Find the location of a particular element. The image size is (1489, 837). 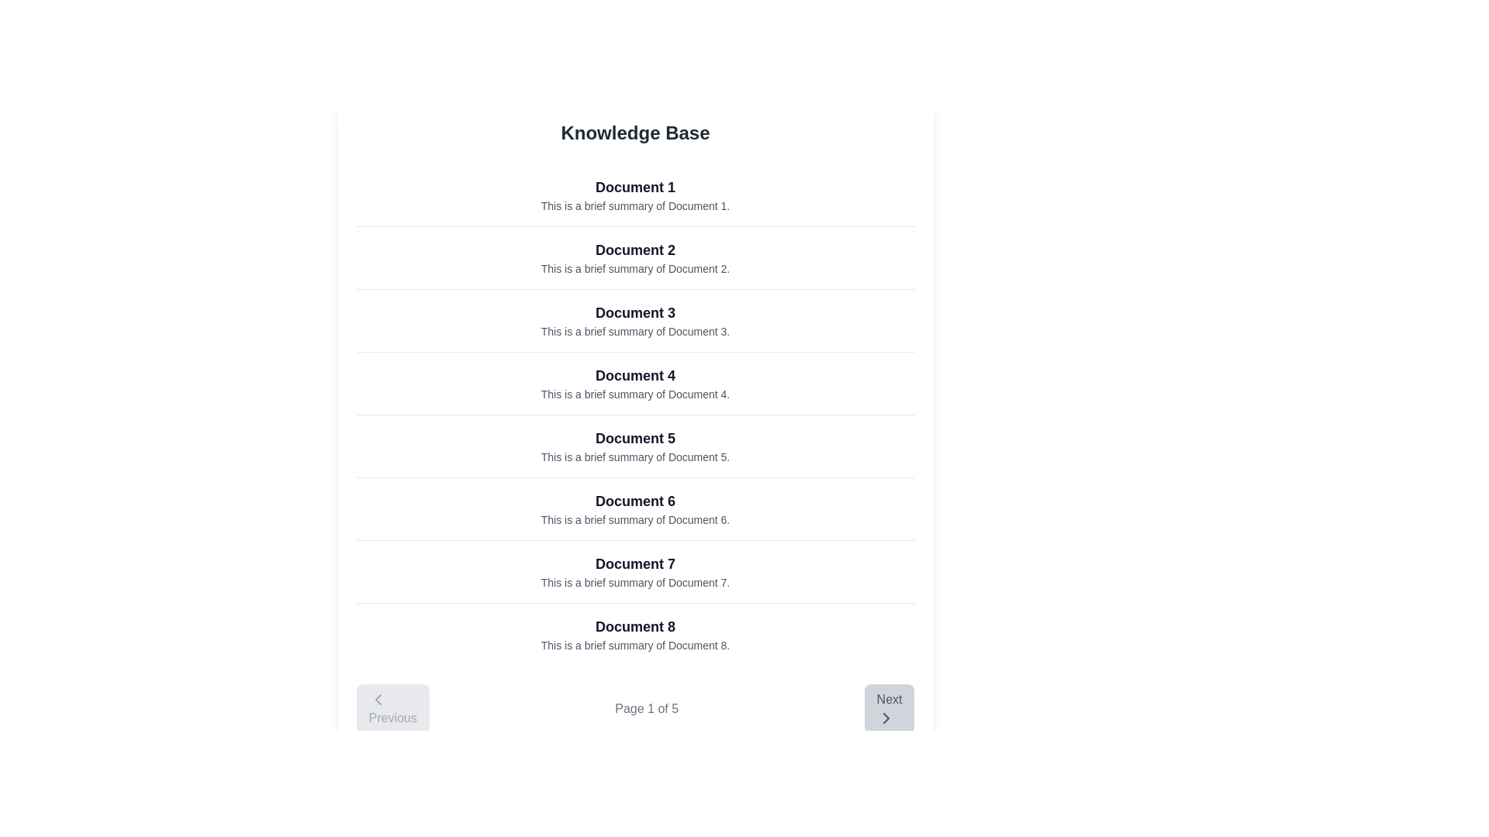

the text label 'Document 6' which is styled in bold and larger font, displayed in black as the title of an information block is located at coordinates (635, 501).